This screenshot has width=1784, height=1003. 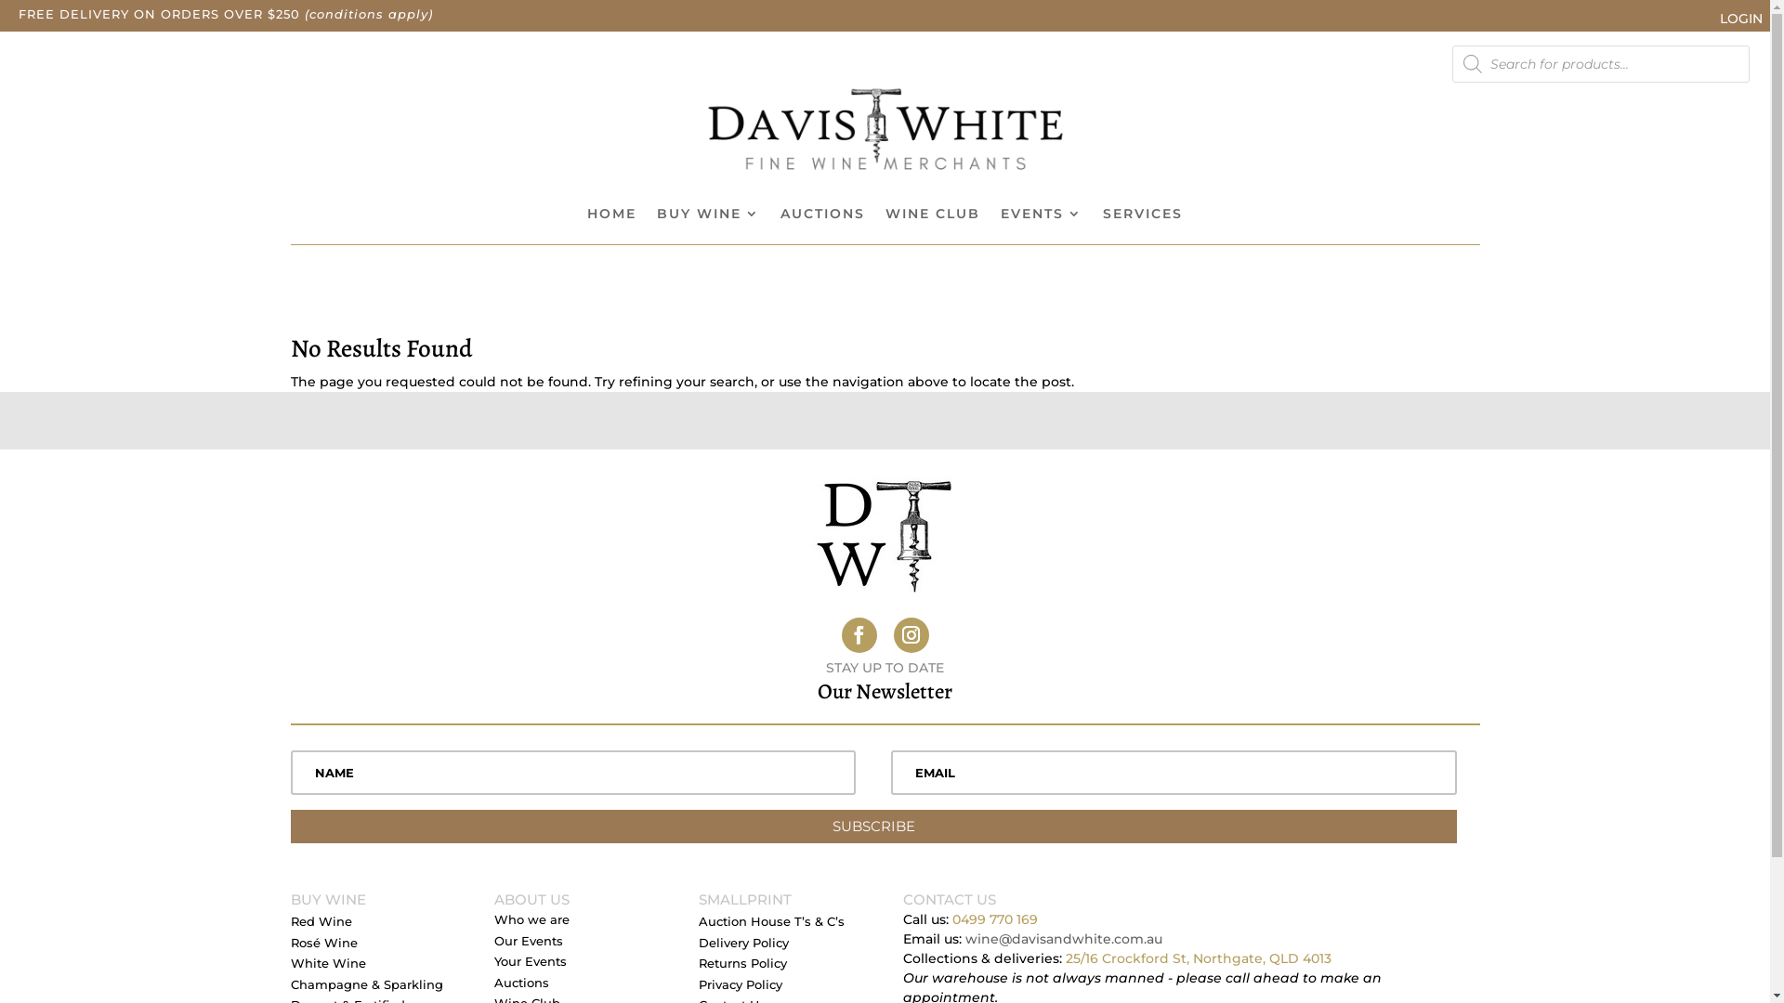 What do you see at coordinates (528, 944) in the screenshot?
I see `'Our Events'` at bounding box center [528, 944].